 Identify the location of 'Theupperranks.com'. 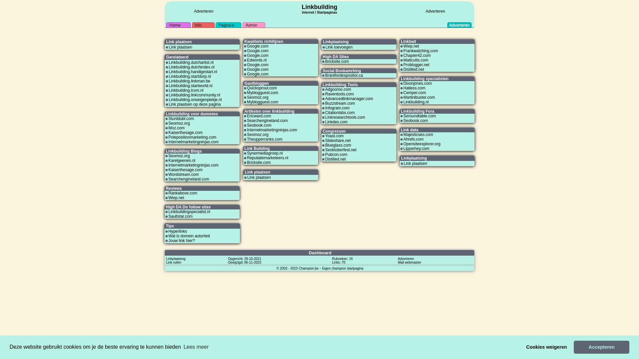
(264, 139).